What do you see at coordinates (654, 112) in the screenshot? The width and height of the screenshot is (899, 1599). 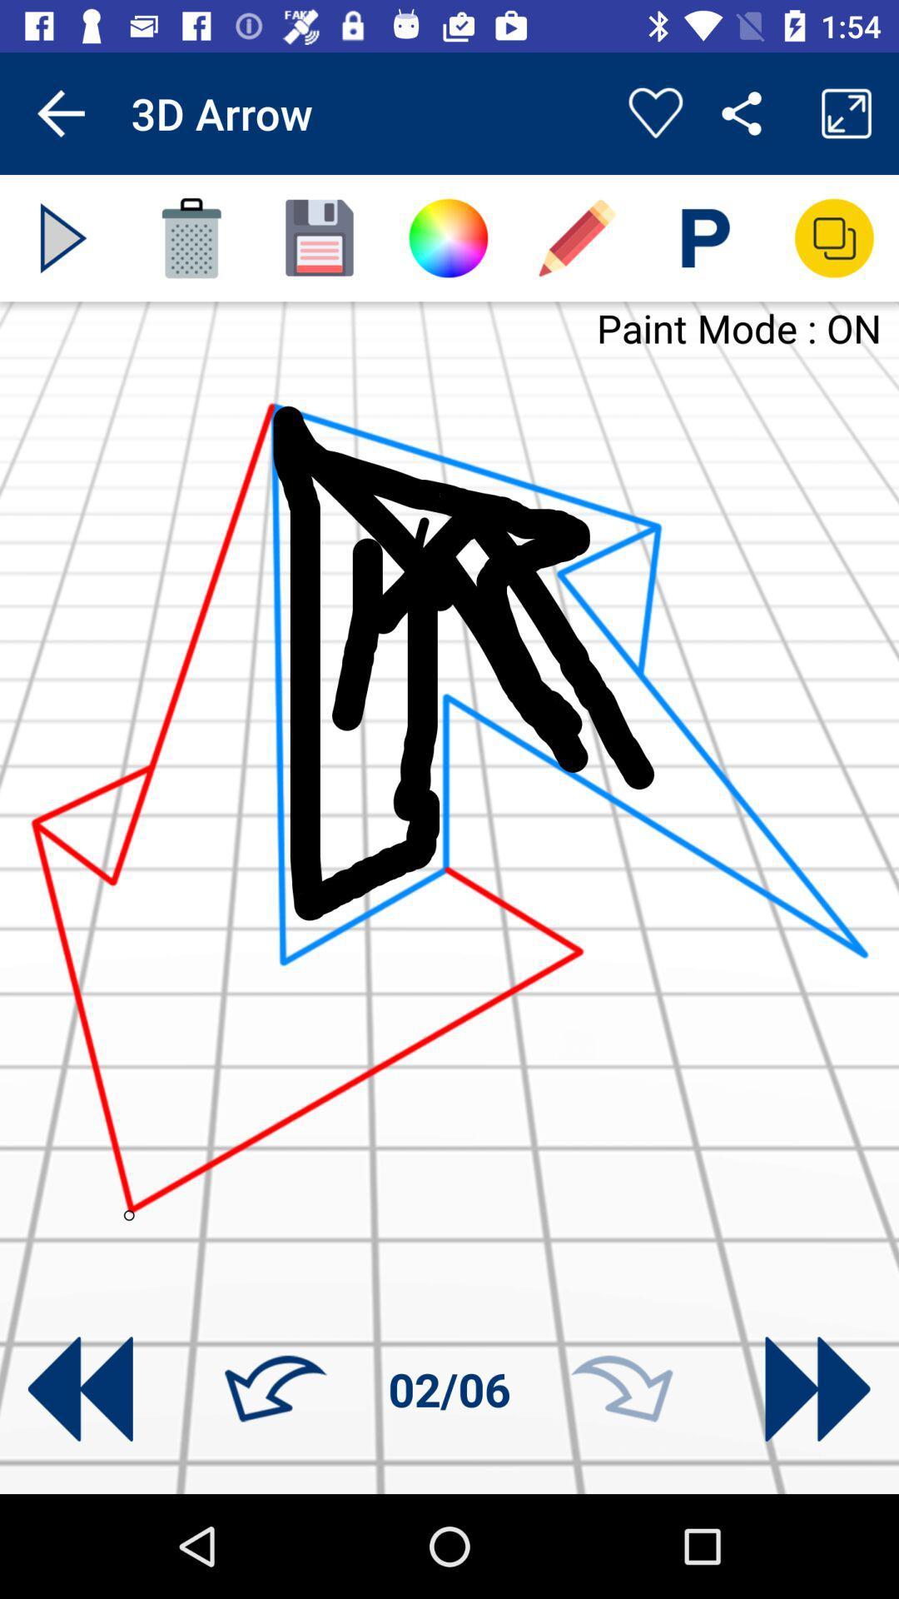 I see `creation` at bounding box center [654, 112].